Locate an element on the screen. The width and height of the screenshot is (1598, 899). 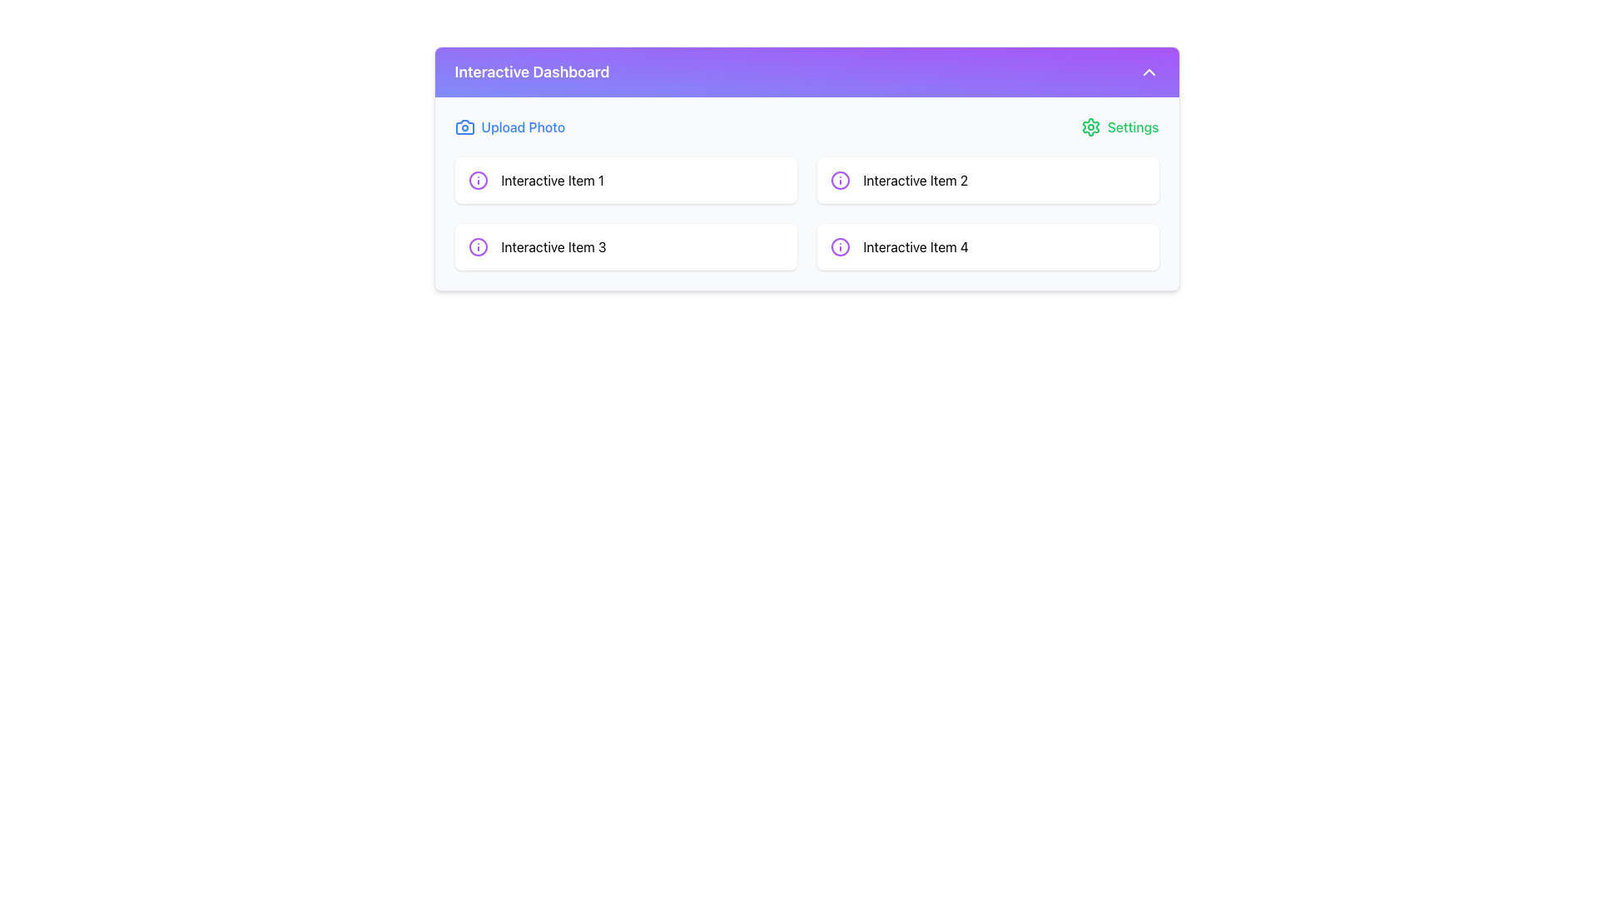
the informational UI component located in the first row, second column of the grid layout is located at coordinates (987, 180).